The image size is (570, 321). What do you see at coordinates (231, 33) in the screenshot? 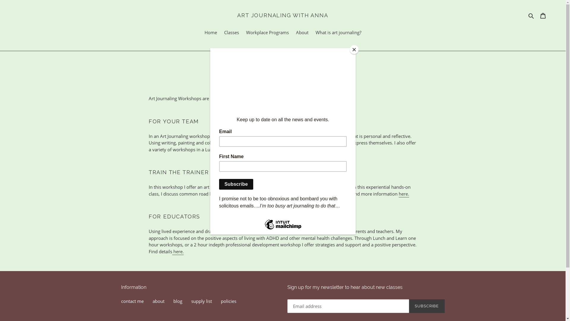
I see `'Classes'` at bounding box center [231, 33].